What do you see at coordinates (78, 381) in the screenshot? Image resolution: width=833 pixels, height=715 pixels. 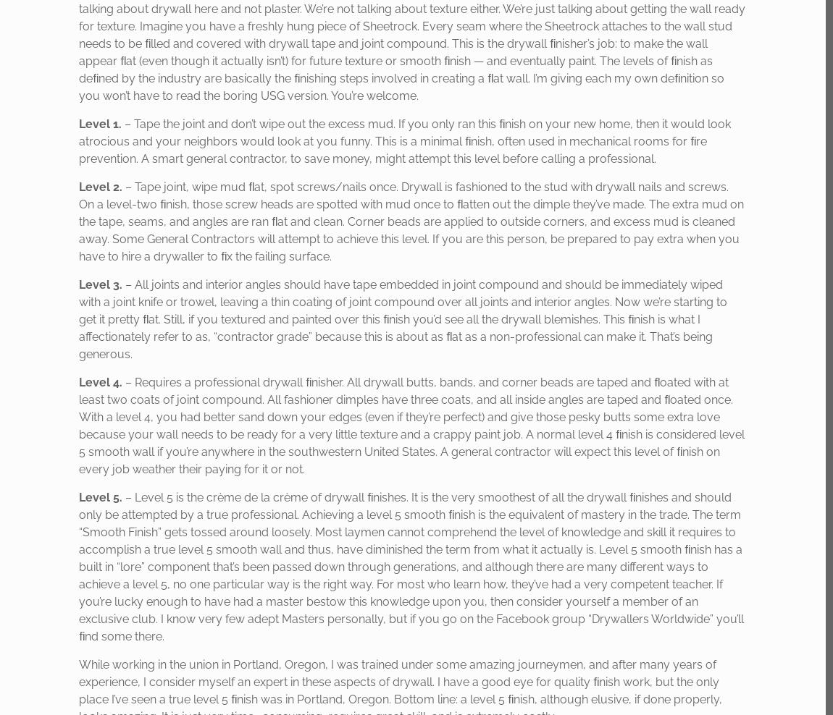 I see `'Level 4.'` at bounding box center [78, 381].